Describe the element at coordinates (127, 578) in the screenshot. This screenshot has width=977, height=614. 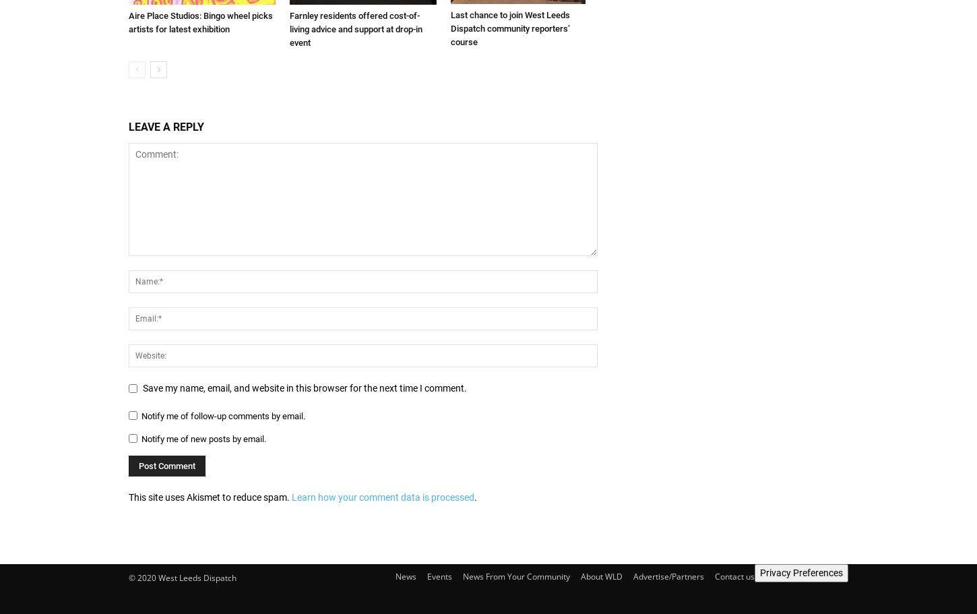
I see `'© 2020 West Leeds Dispatch'` at that location.